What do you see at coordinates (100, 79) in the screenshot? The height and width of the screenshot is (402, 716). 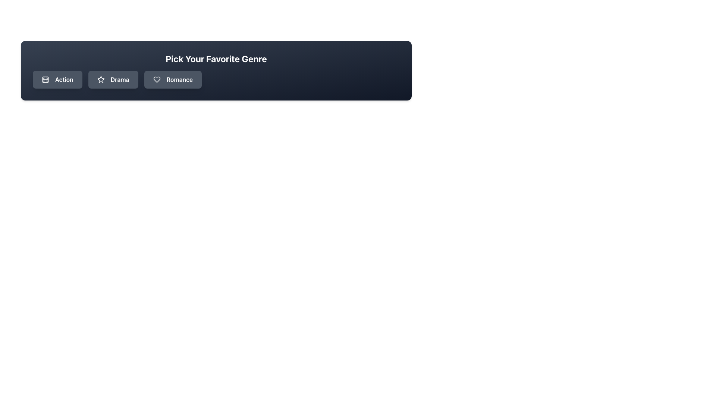 I see `the Icon representing the 'Drama' button, which is centrally located among three genre buttons ('Action', 'Drama', 'Romance') in the 'Pick Your Favorite Genre' section` at bounding box center [100, 79].